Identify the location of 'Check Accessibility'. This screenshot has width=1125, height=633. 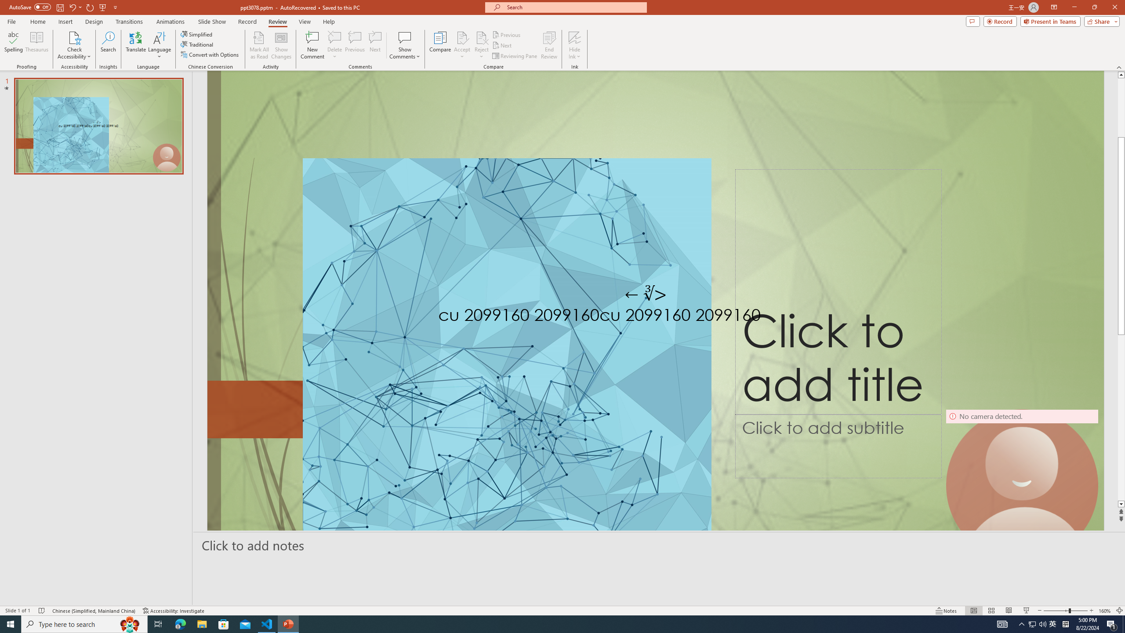
(73, 37).